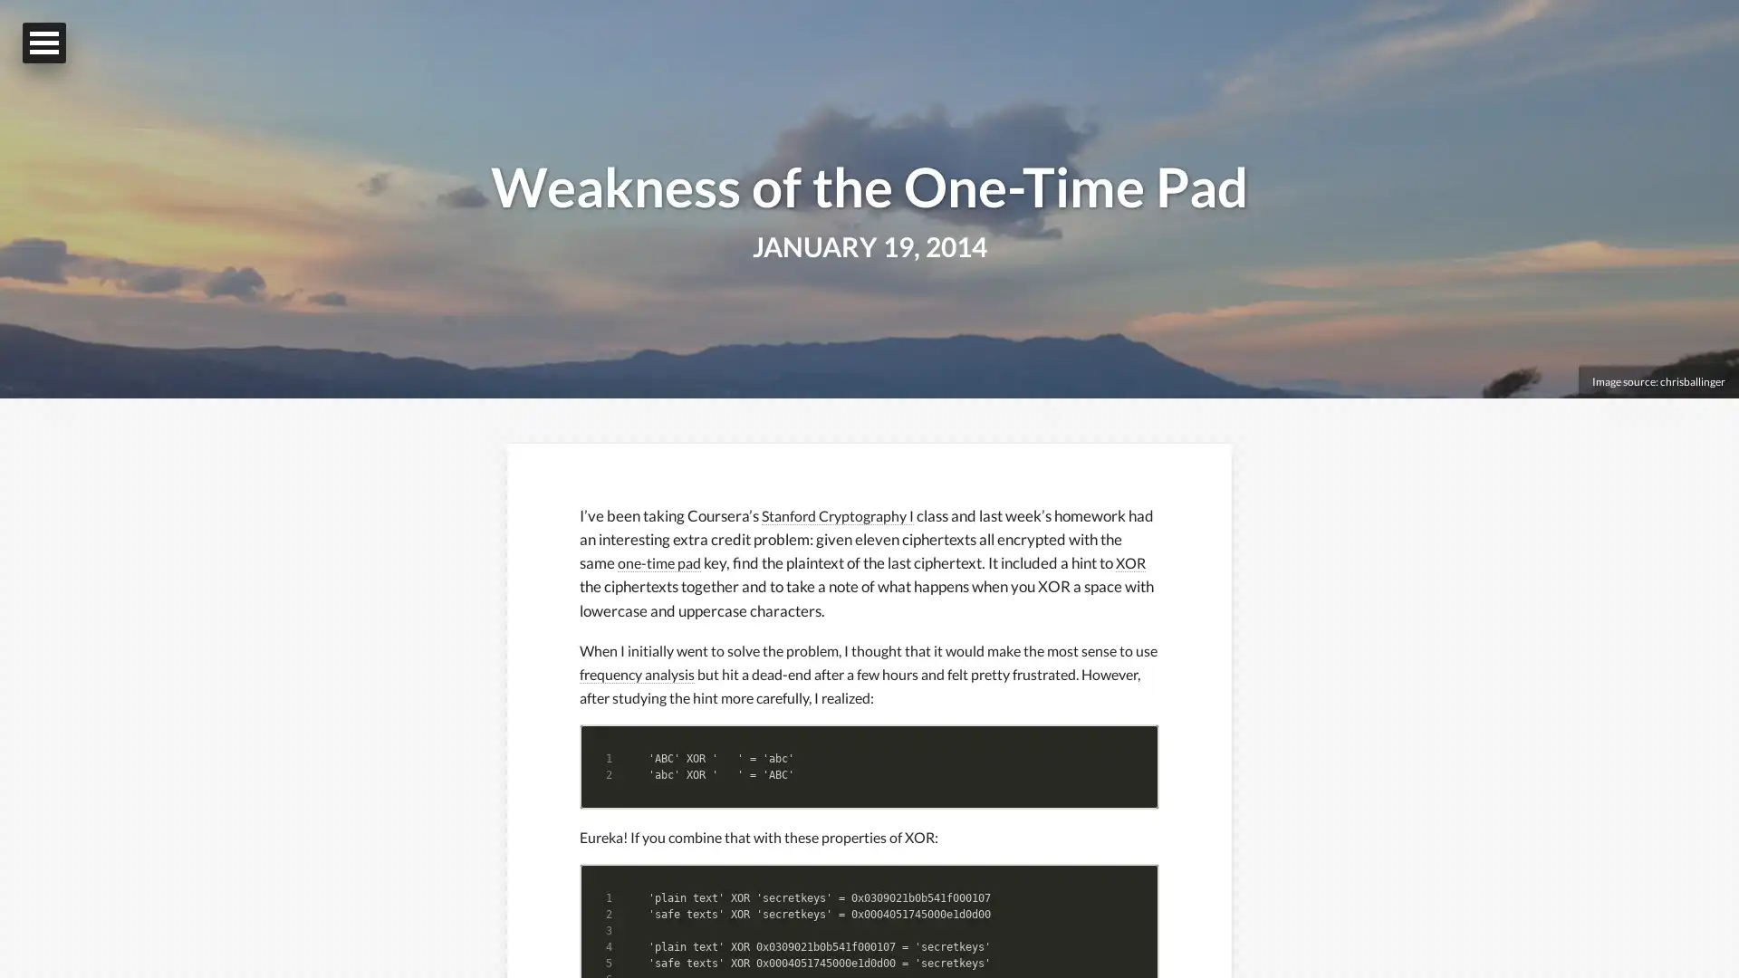 The width and height of the screenshot is (1739, 978). What do you see at coordinates (43, 42) in the screenshot?
I see `Open Menu` at bounding box center [43, 42].